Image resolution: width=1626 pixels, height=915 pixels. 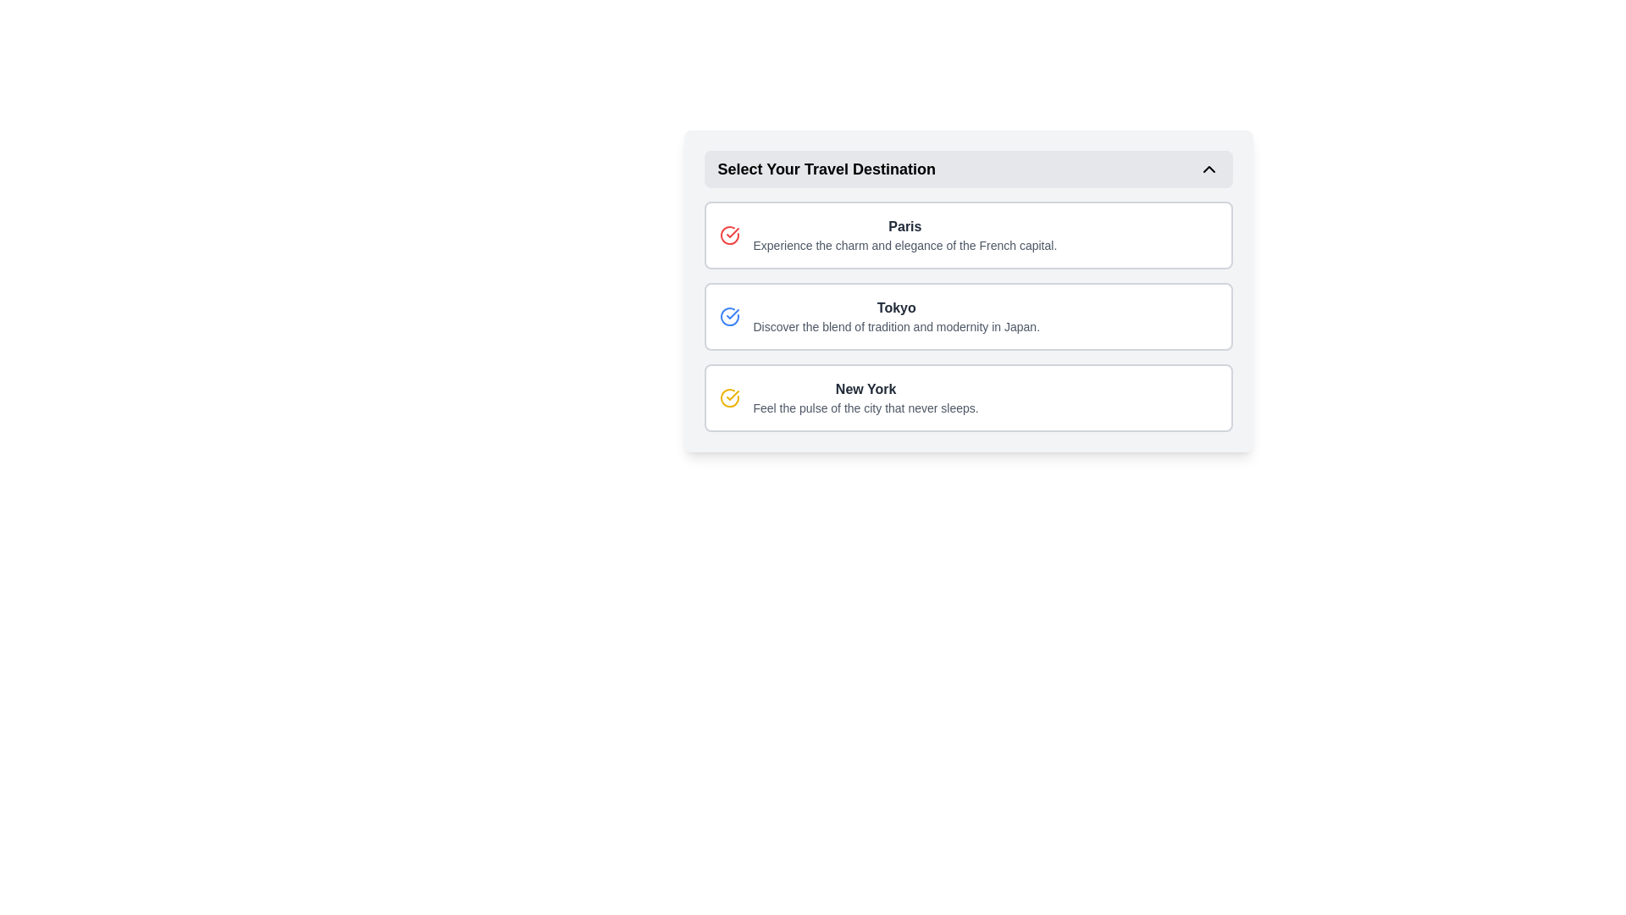 What do you see at coordinates (866, 389) in the screenshot?
I see `the title text 'New York'` at bounding box center [866, 389].